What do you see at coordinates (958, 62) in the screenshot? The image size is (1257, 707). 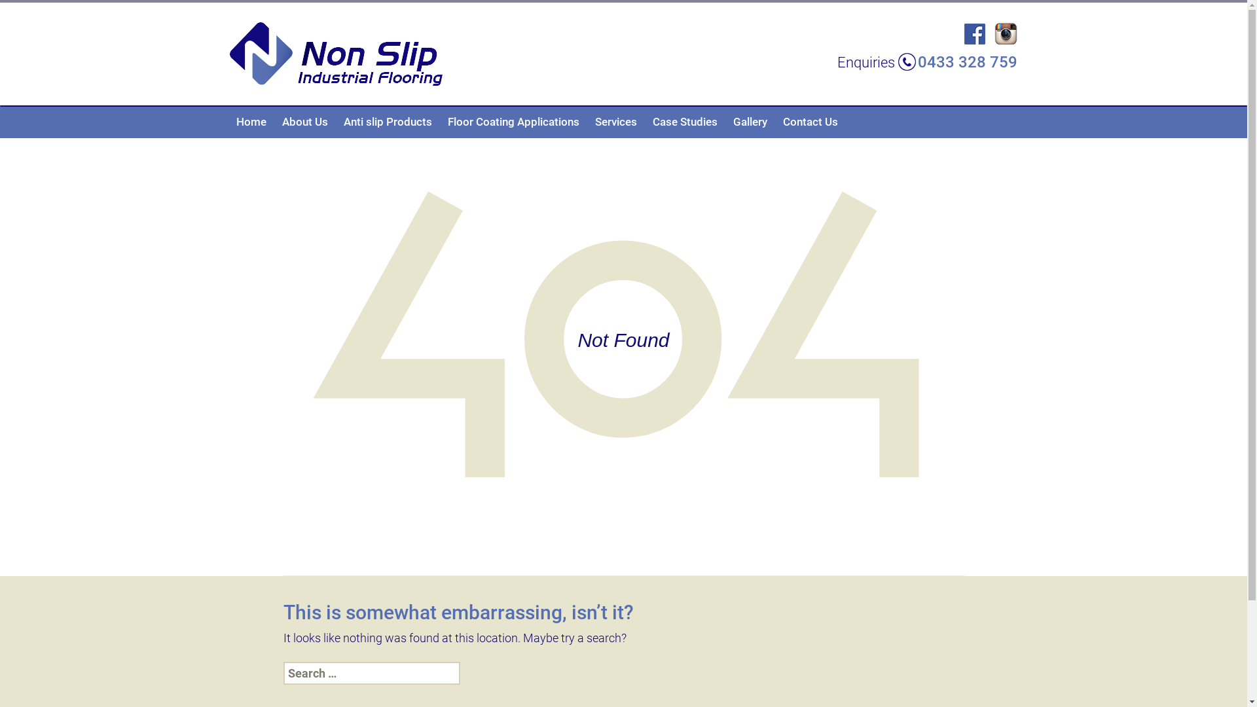 I see `'0433 328 759'` at bounding box center [958, 62].